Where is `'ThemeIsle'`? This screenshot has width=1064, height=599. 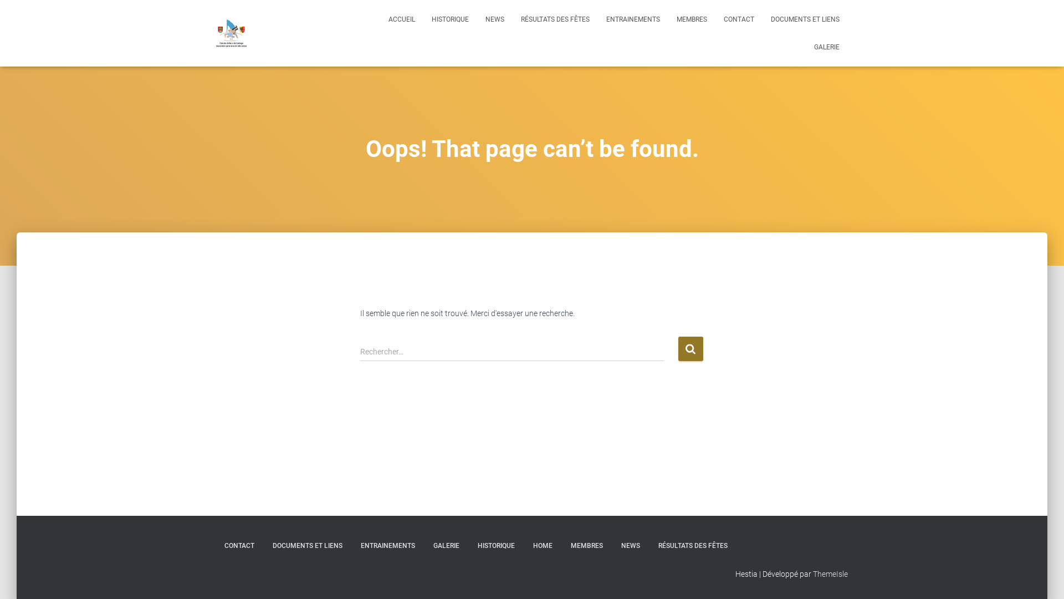 'ThemeIsle' is located at coordinates (813, 573).